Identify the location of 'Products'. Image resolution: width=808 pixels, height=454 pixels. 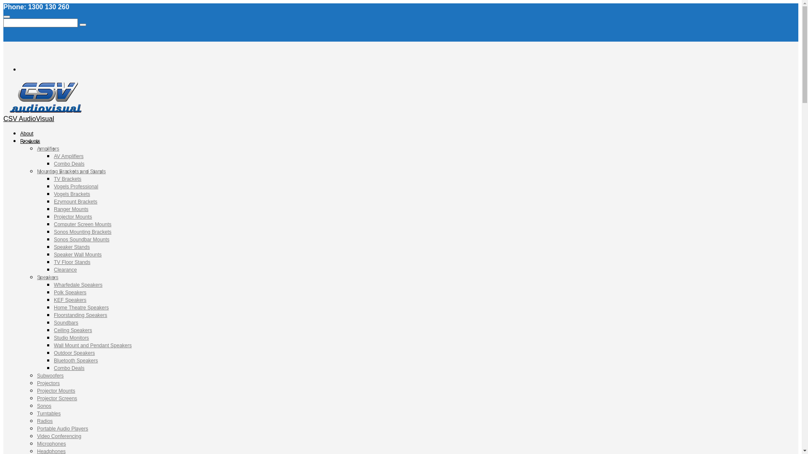
(30, 140).